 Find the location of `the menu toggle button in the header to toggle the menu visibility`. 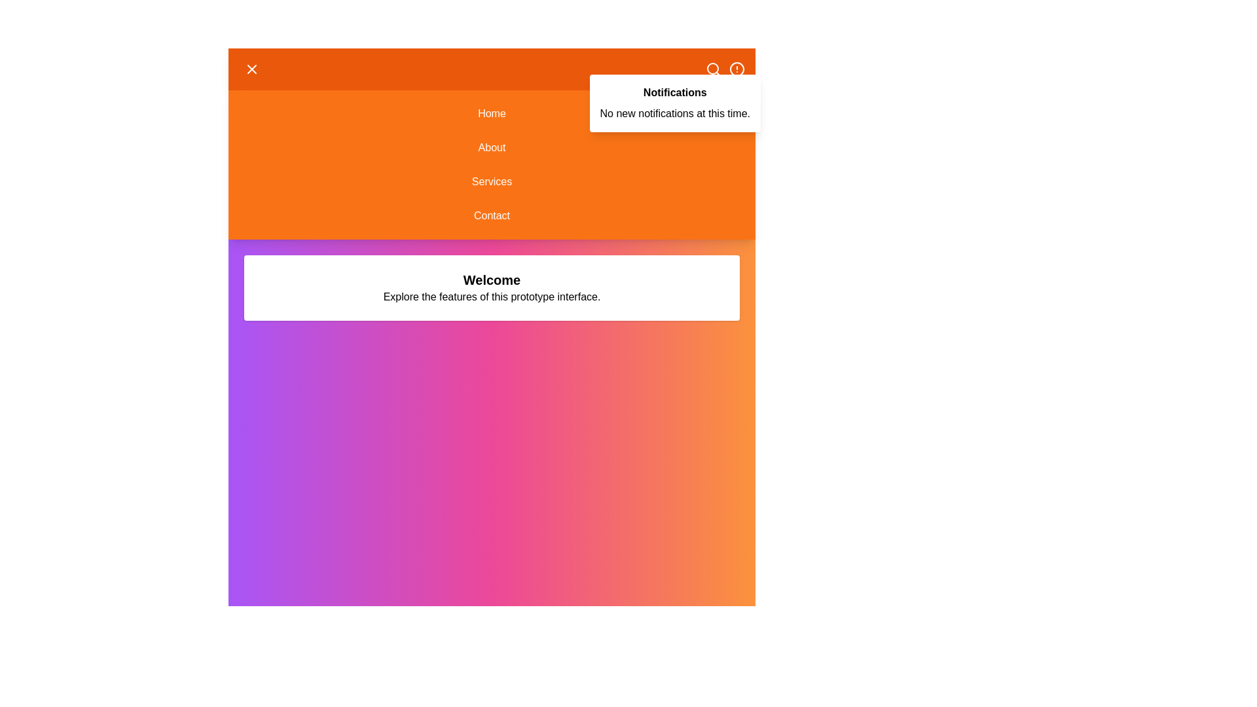

the menu toggle button in the header to toggle the menu visibility is located at coordinates (251, 69).